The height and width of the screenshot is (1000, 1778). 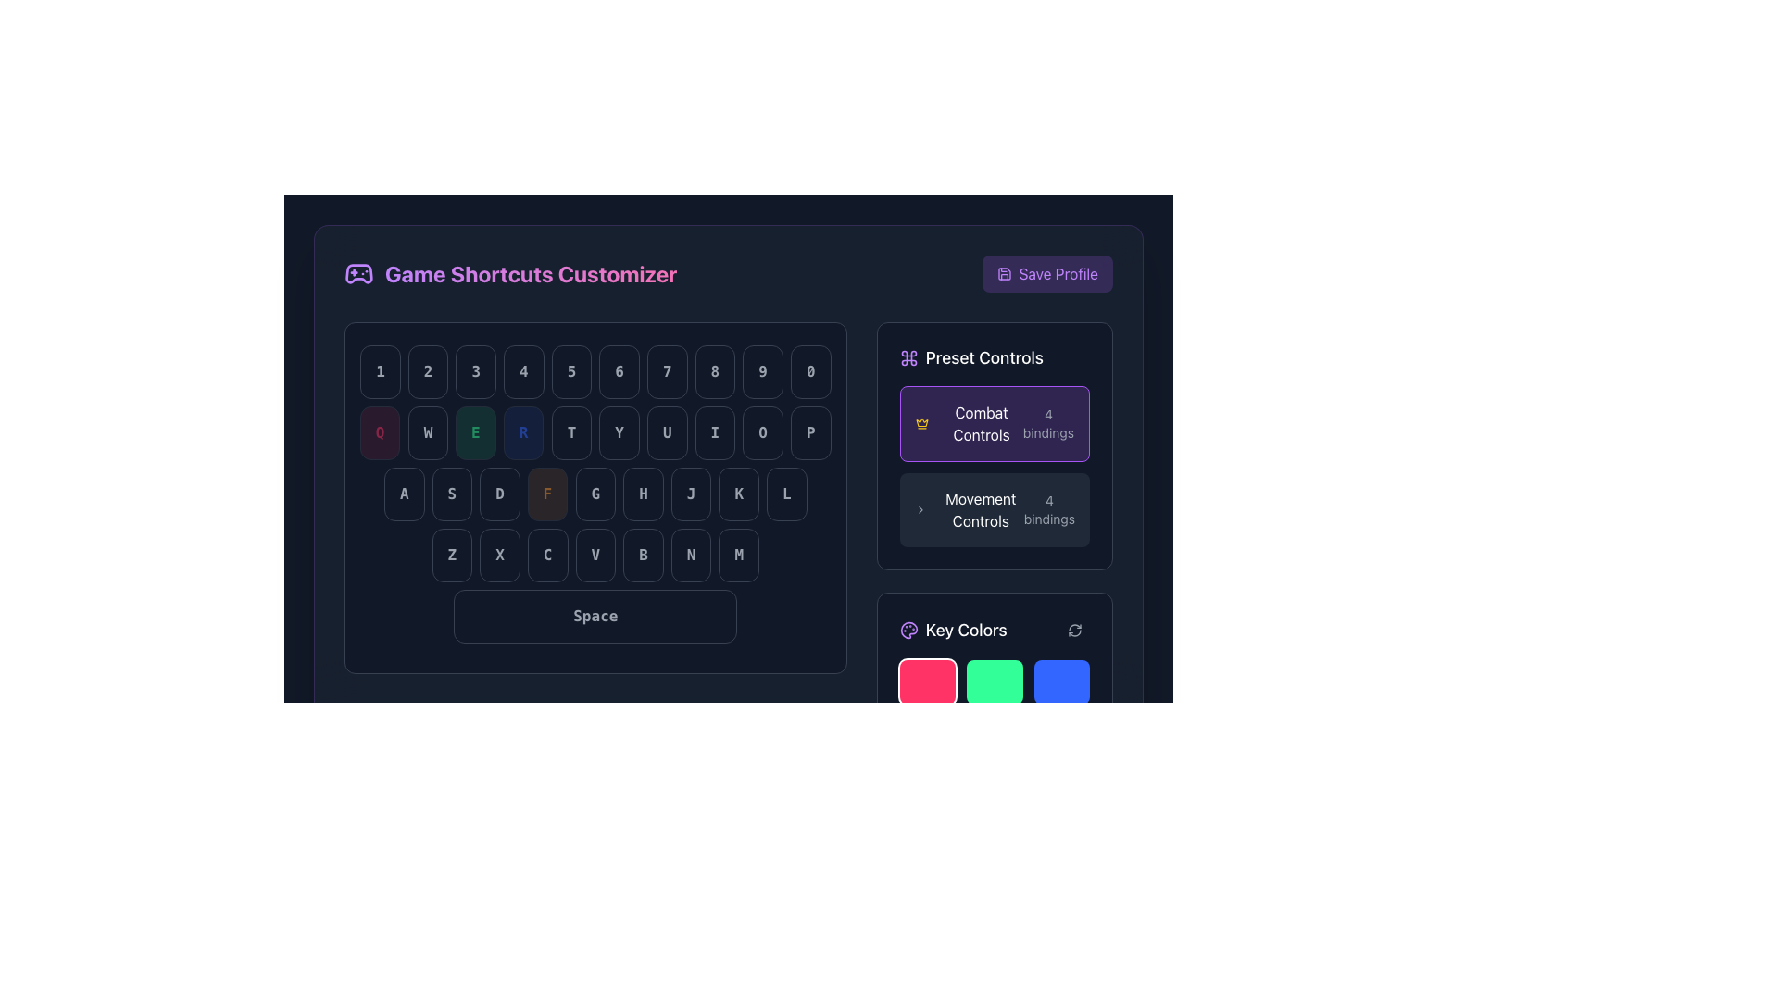 What do you see at coordinates (1075, 630) in the screenshot?
I see `the refresh button located on the right side of the 'Key Colors' section` at bounding box center [1075, 630].